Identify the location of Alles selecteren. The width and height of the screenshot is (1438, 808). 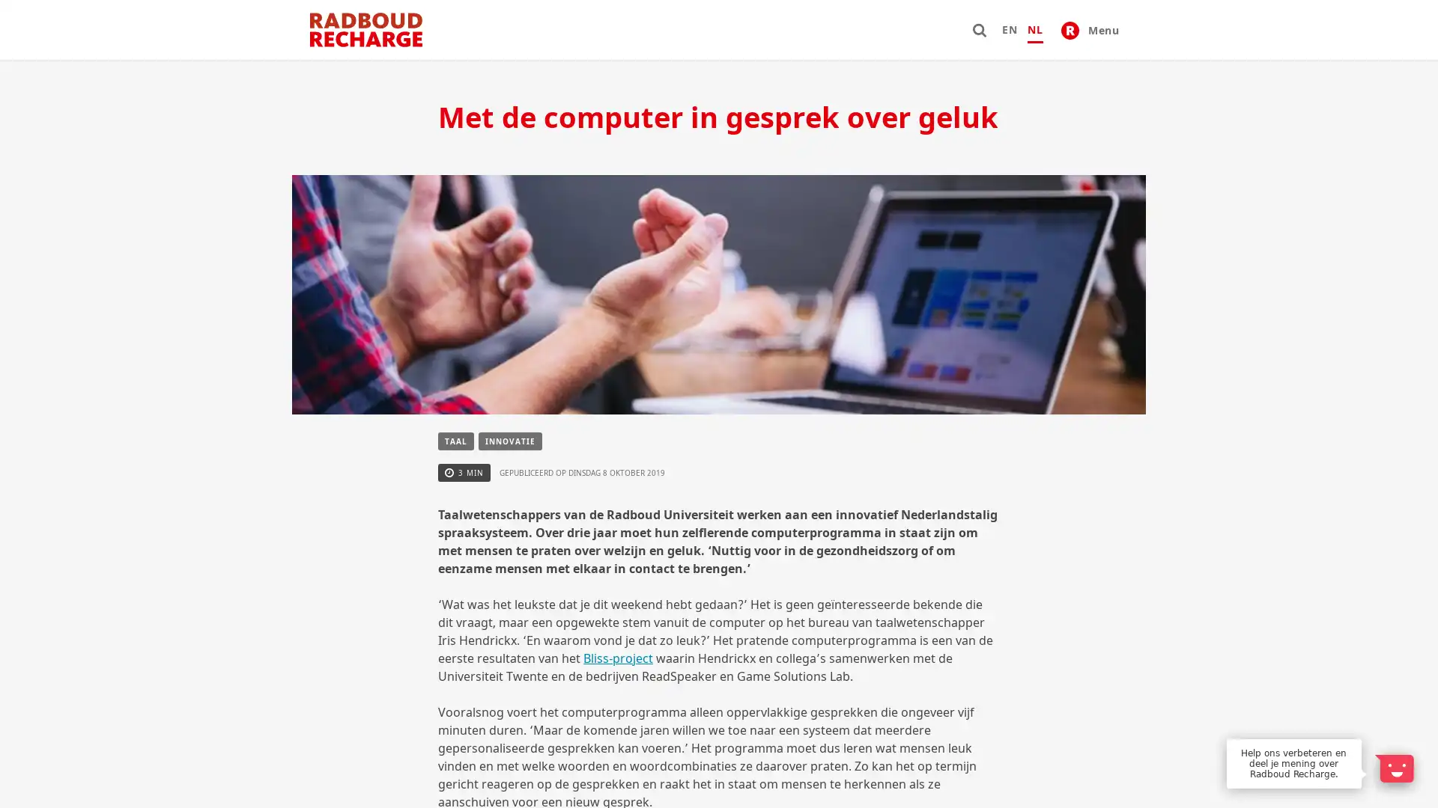
(653, 629).